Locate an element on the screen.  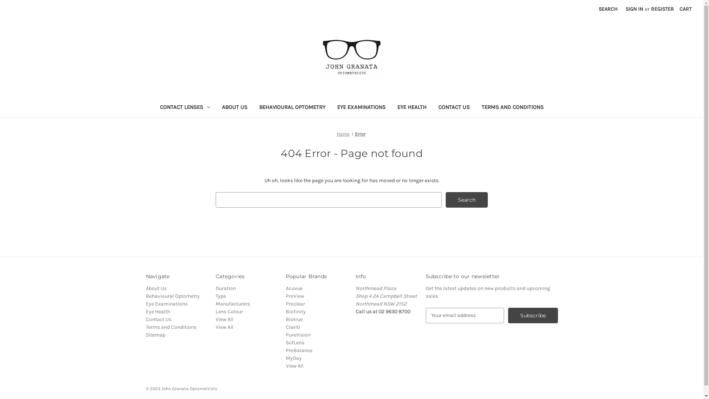
'View All' is located at coordinates (294, 366).